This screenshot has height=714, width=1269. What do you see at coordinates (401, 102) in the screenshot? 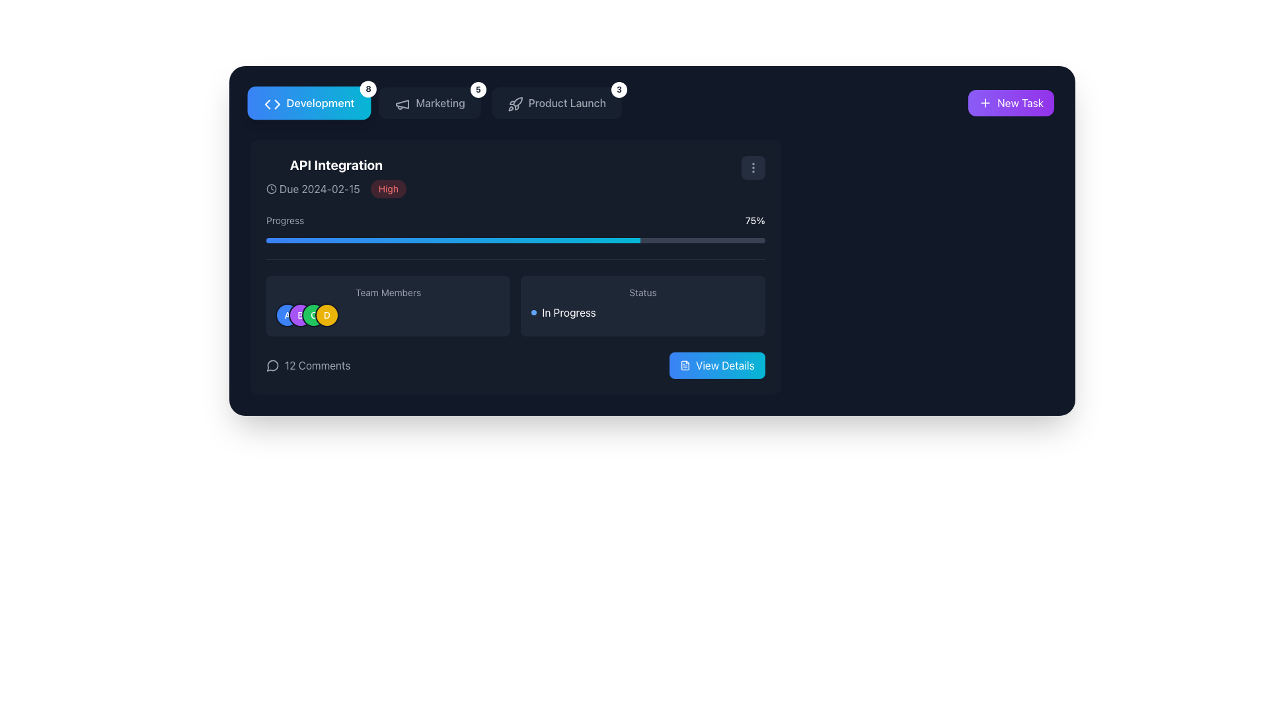
I see `the 'Marketing' icon located` at bounding box center [401, 102].